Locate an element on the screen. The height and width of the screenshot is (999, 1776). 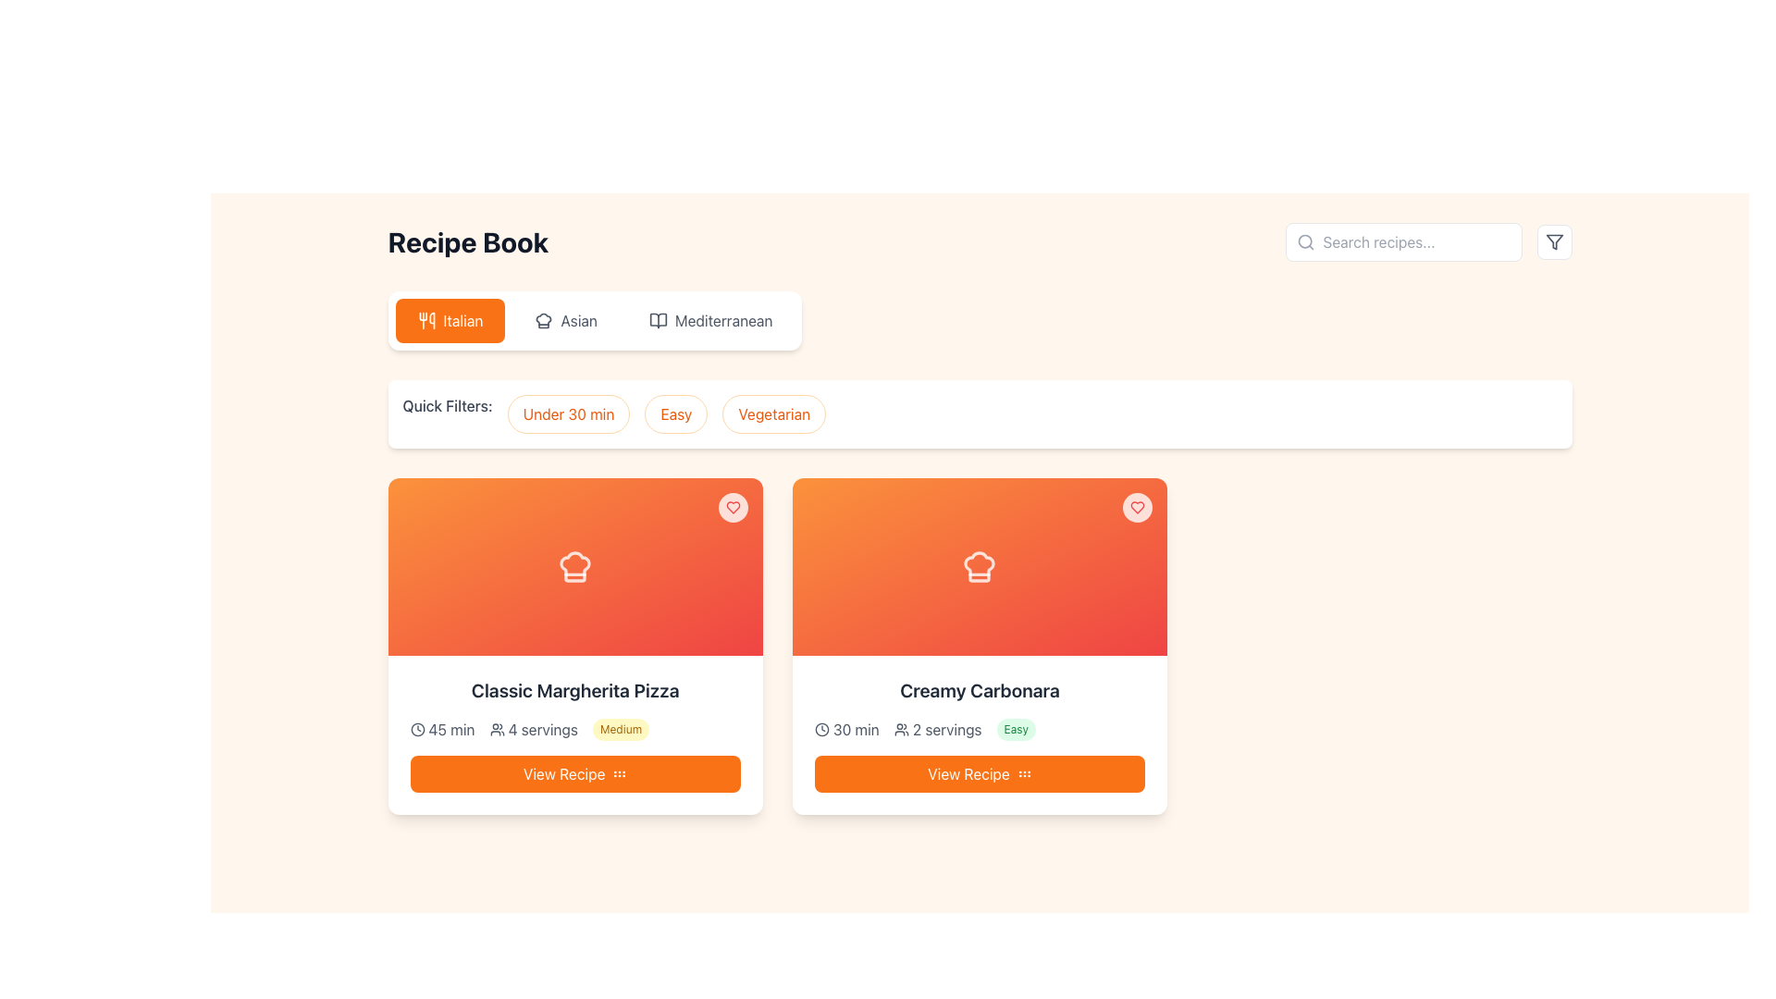
the recipe info panel displaying 'Classic Margherita Pizza', which includes preparation time, servings, and difficulty level in a yellow rounded badge is located at coordinates (574, 734).